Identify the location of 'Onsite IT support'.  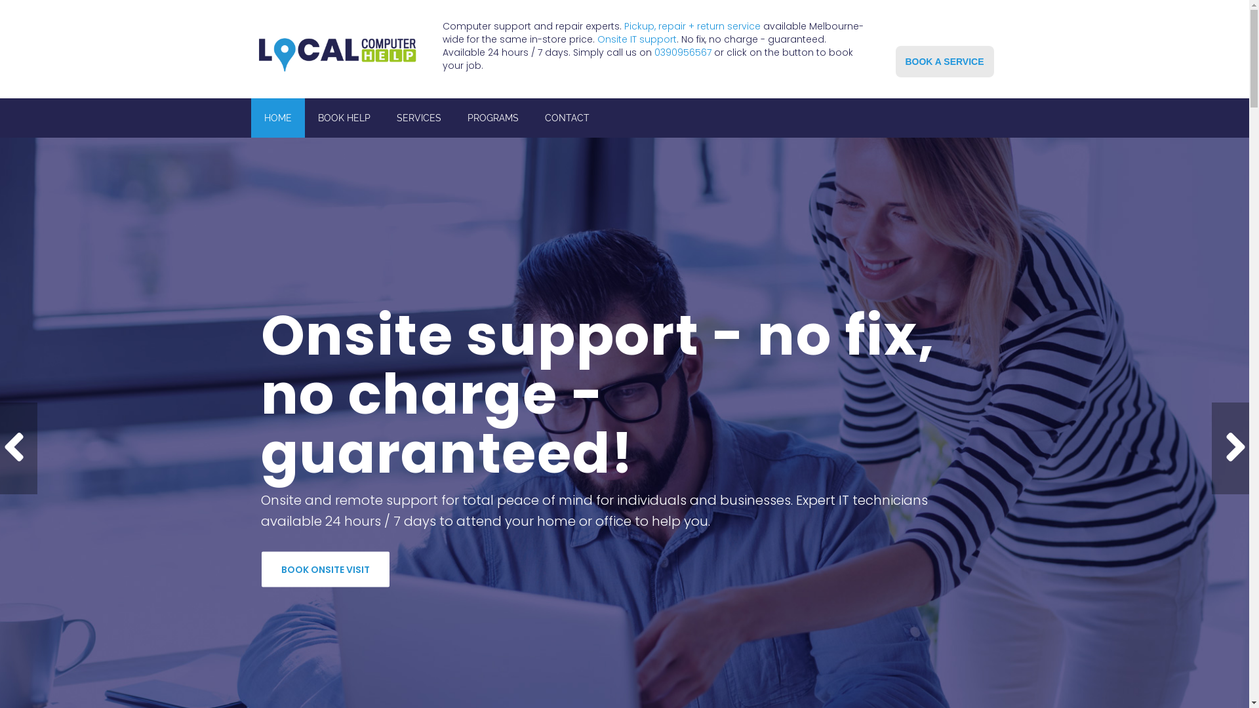
(637, 39).